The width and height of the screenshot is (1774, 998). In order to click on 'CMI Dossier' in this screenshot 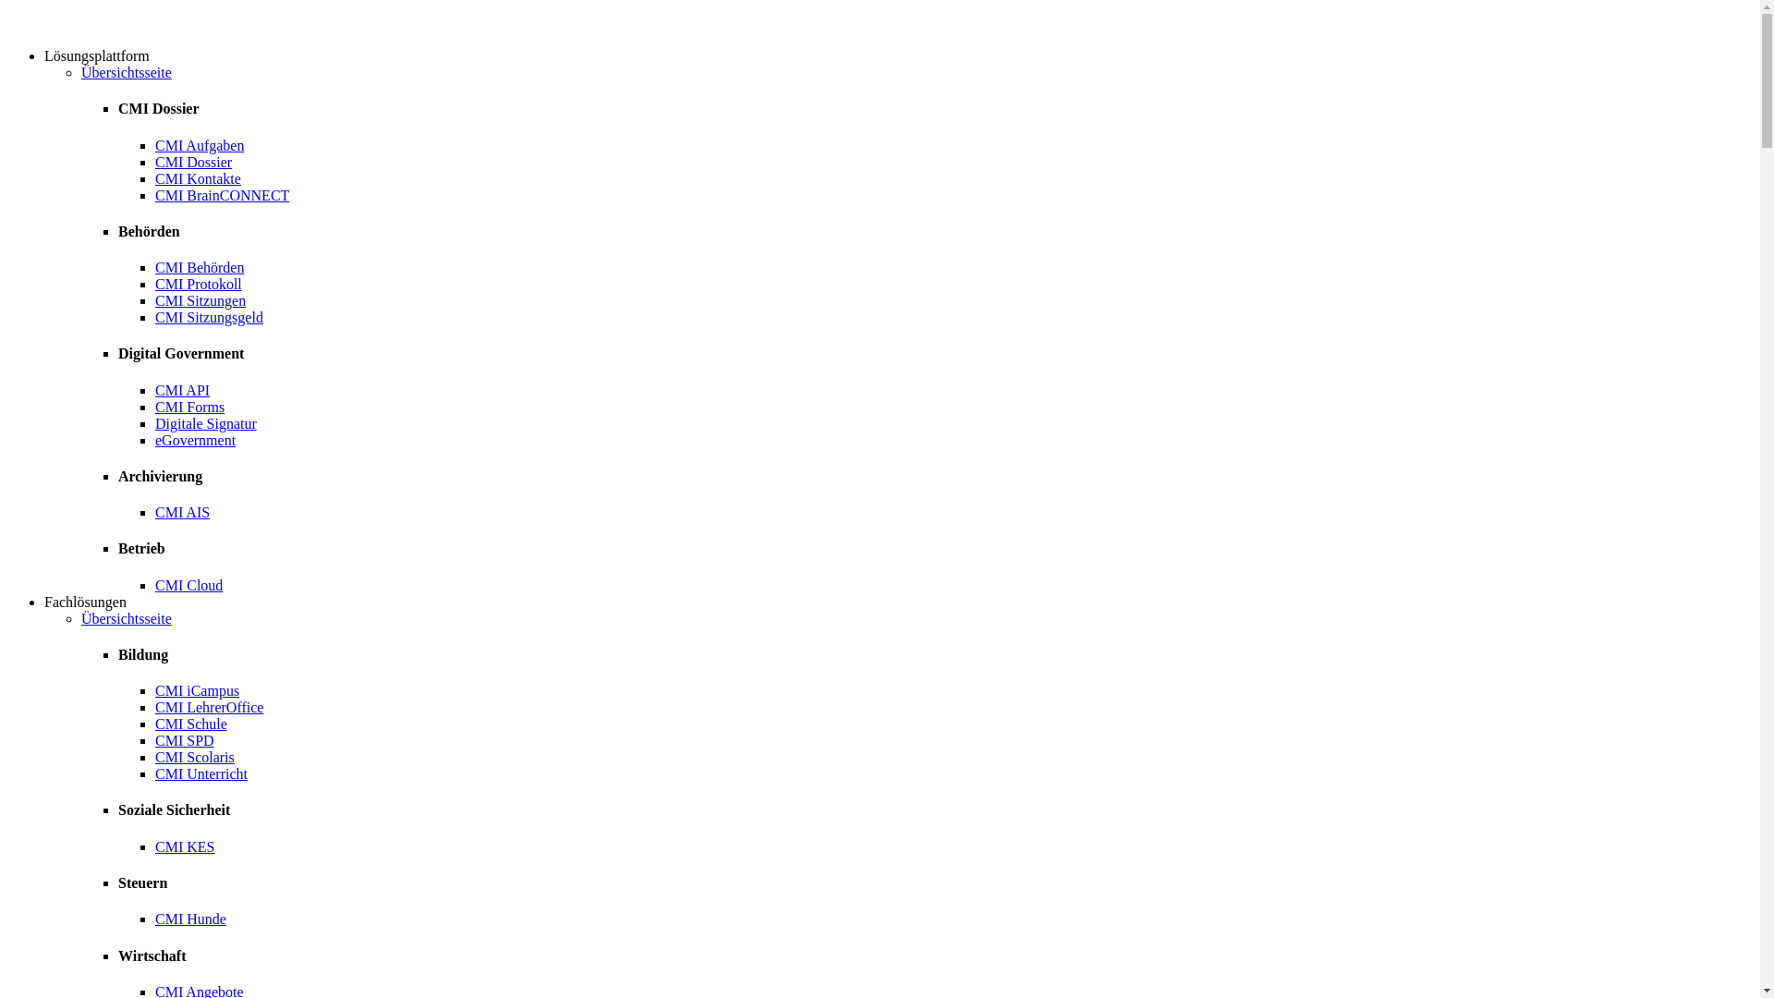, I will do `click(193, 161)`.